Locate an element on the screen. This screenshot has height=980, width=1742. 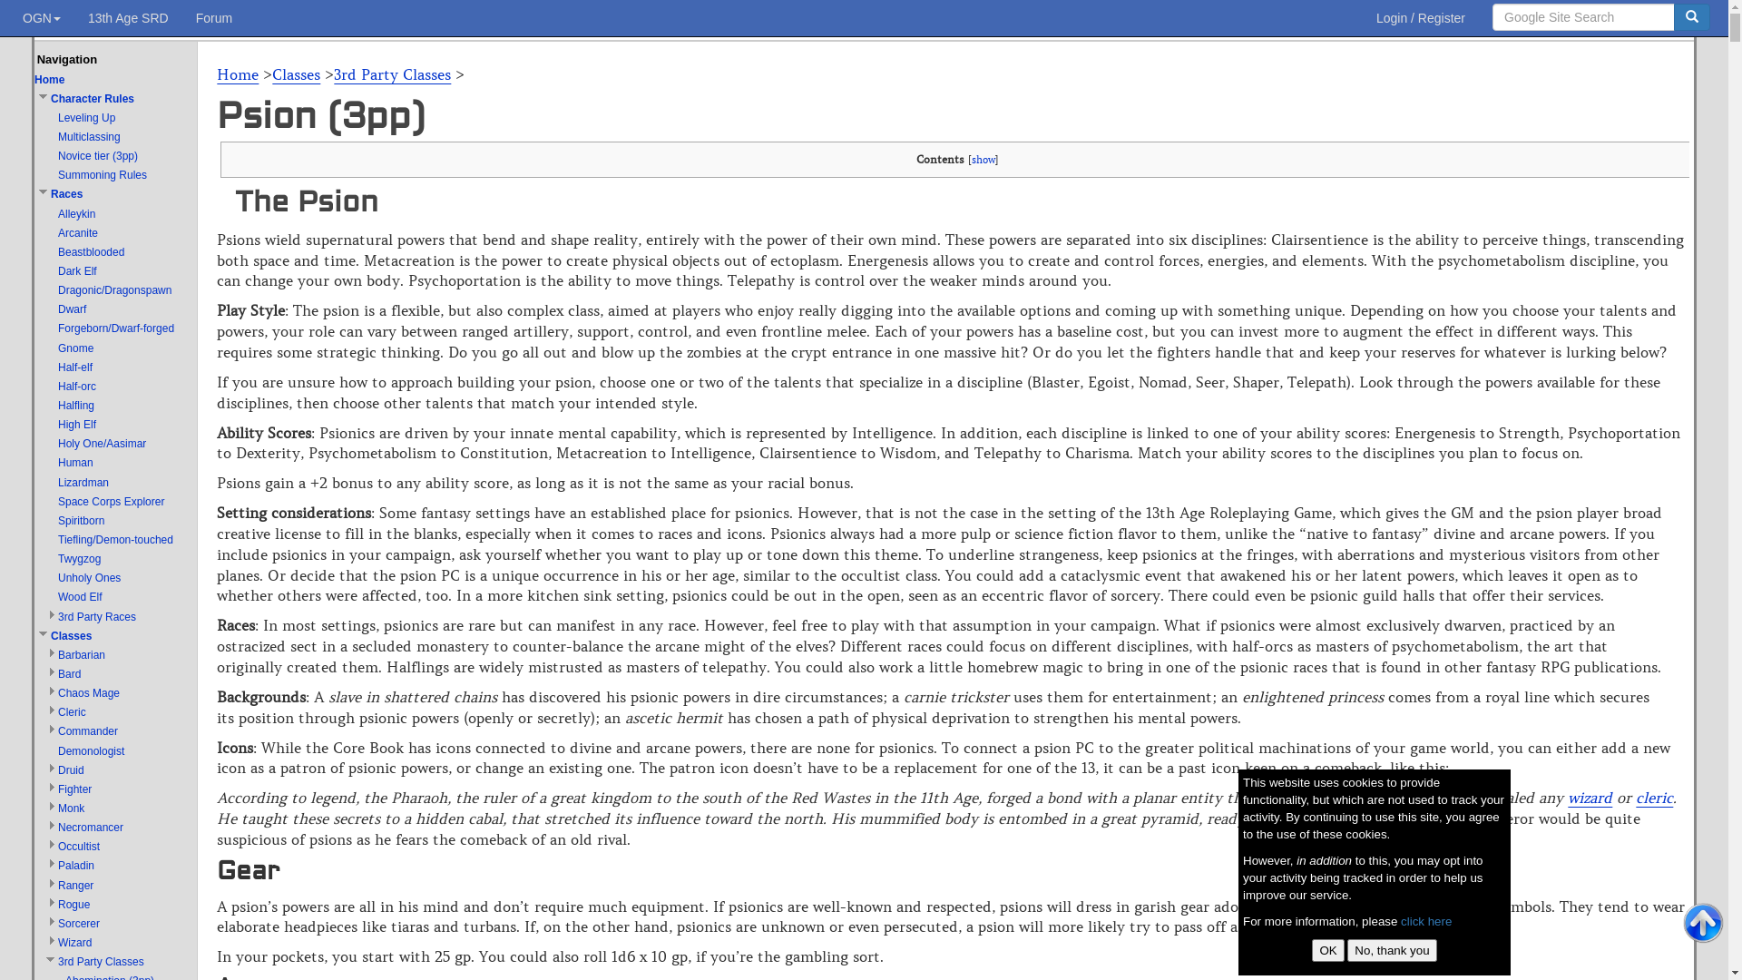
'wizard' is located at coordinates (1567, 797).